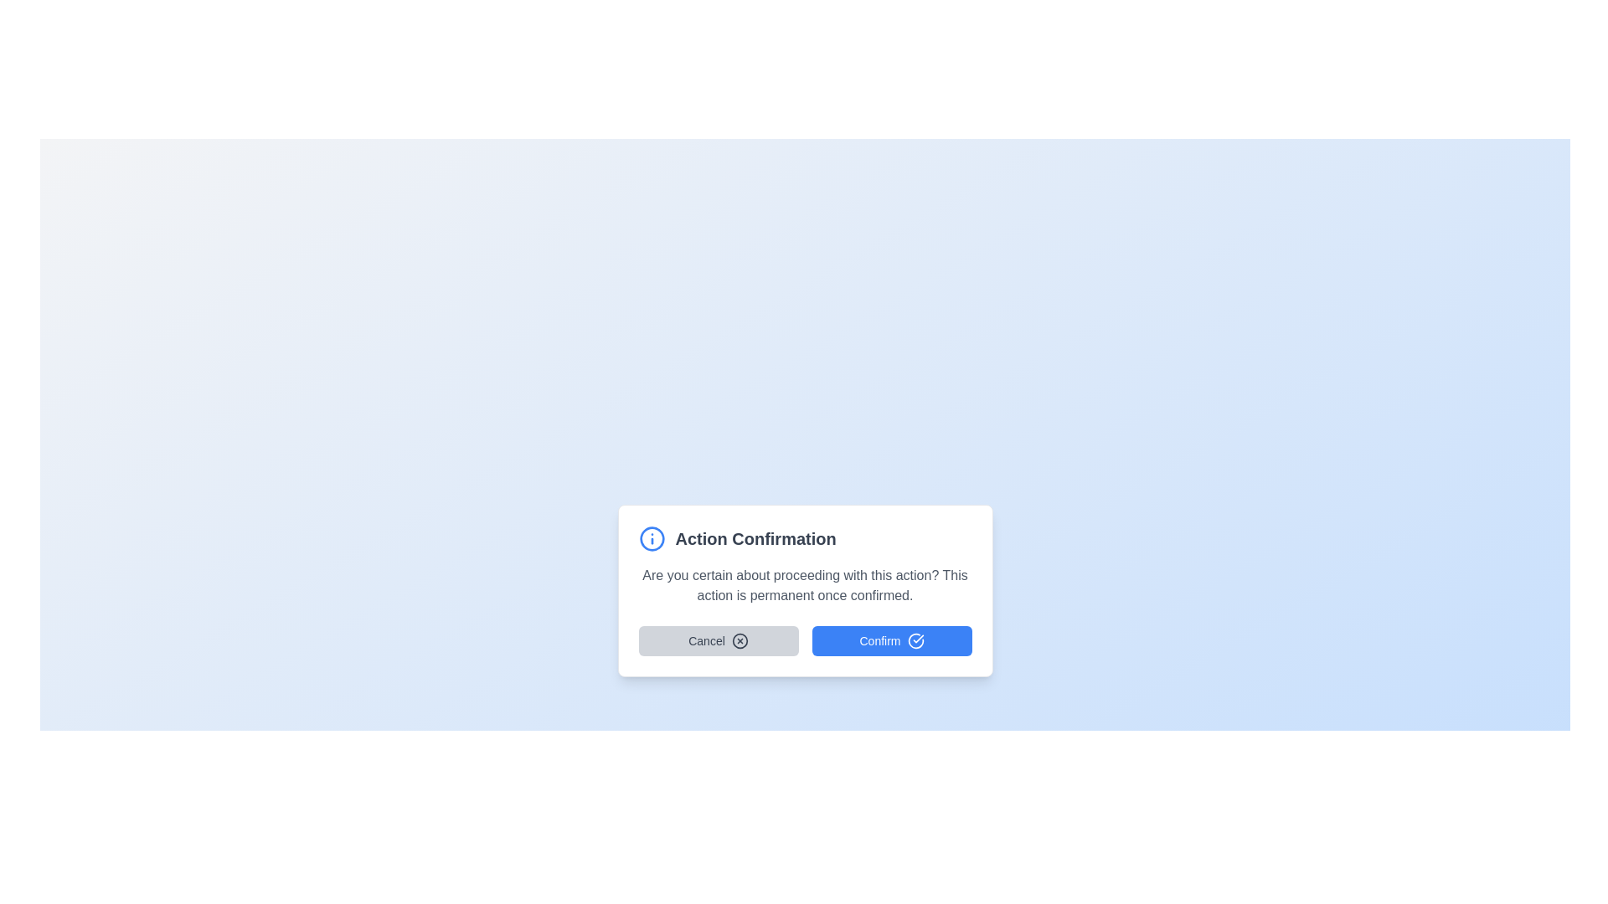 The image size is (1608, 904). Describe the element at coordinates (915, 640) in the screenshot. I see `the visual confirmation indicator icon located to the right of the 'Confirm' button` at that location.